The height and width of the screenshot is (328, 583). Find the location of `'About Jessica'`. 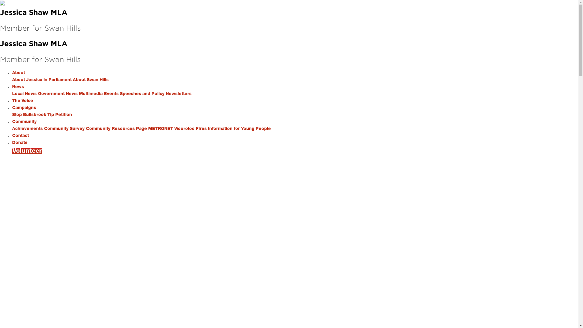

'About Jessica' is located at coordinates (27, 79).